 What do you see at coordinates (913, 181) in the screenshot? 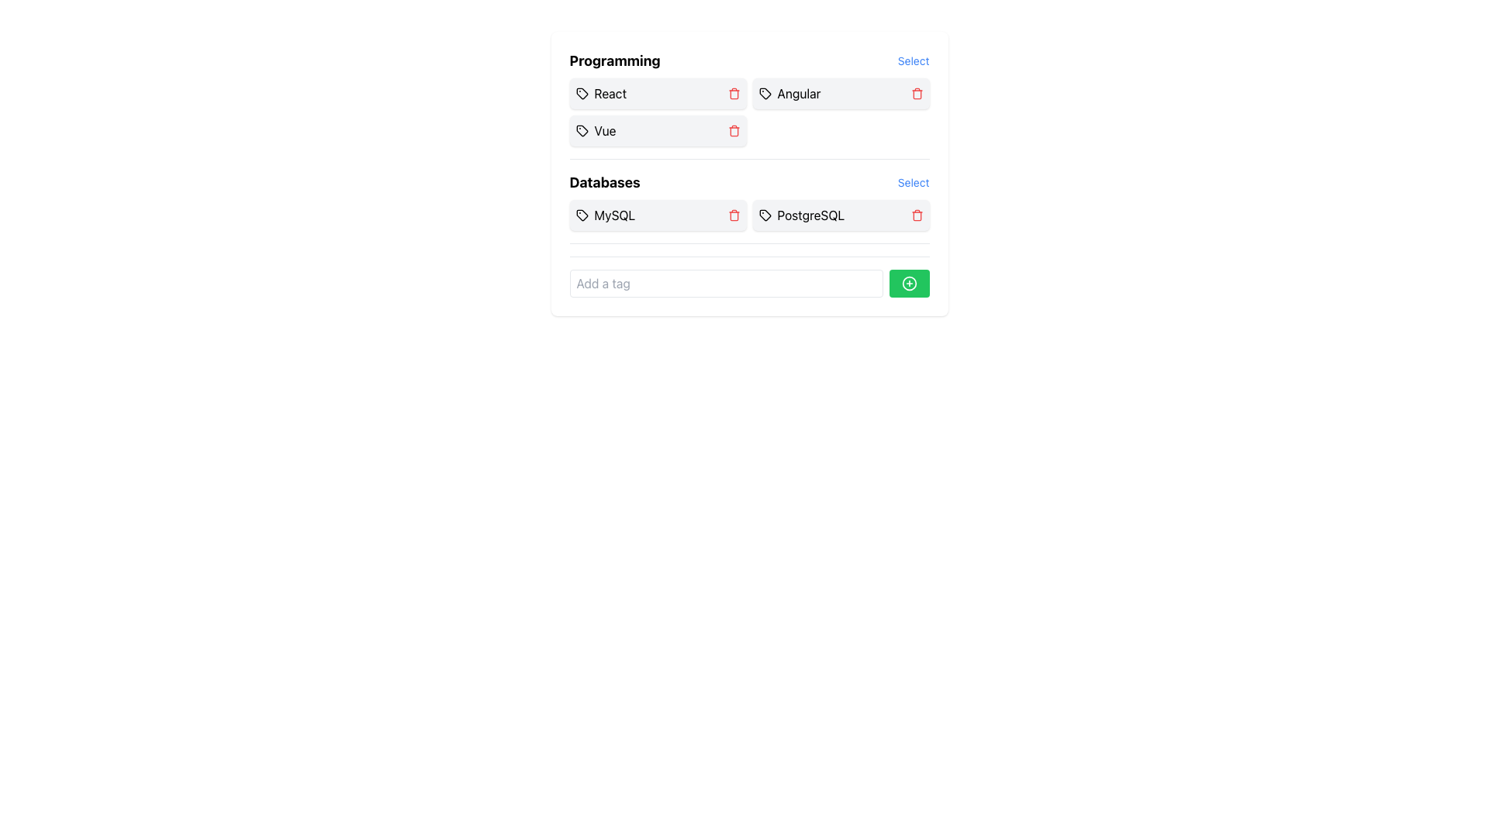
I see `the blue text label reading 'Select' located at the right end of the 'Databases' heading bar` at bounding box center [913, 181].